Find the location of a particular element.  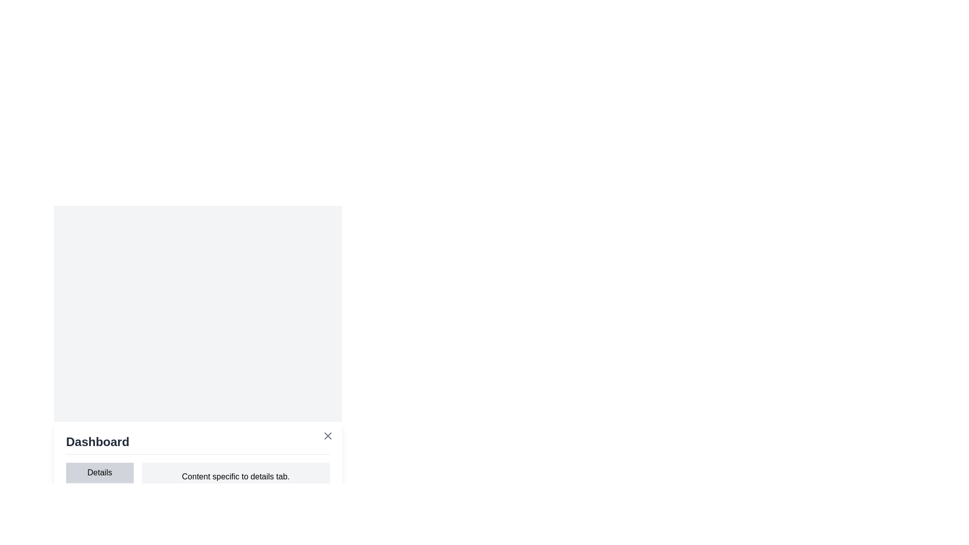

the Details tab and interact with its content is located at coordinates (99, 472).